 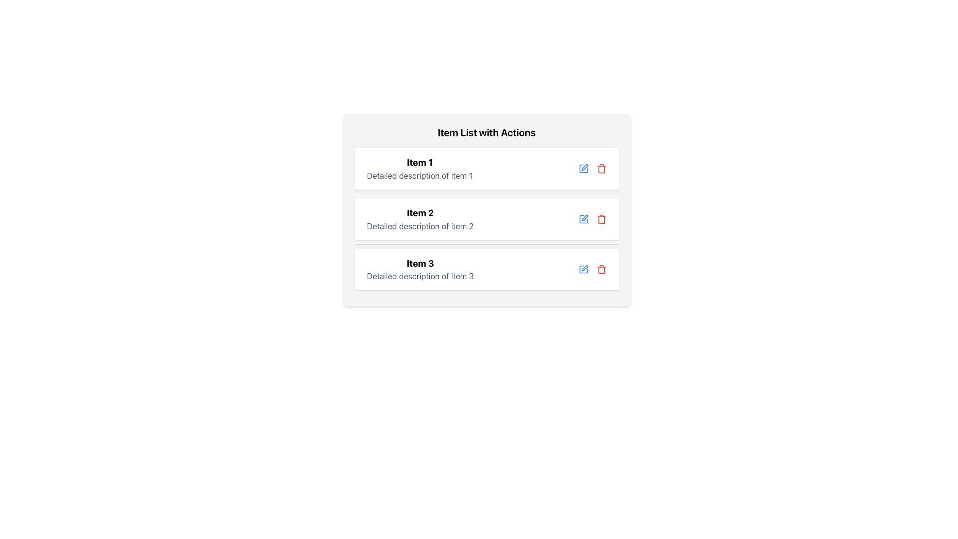 I want to click on the decorative part of the trash bin icon located in the far-right side of the second item row of the action panel, so click(x=601, y=219).